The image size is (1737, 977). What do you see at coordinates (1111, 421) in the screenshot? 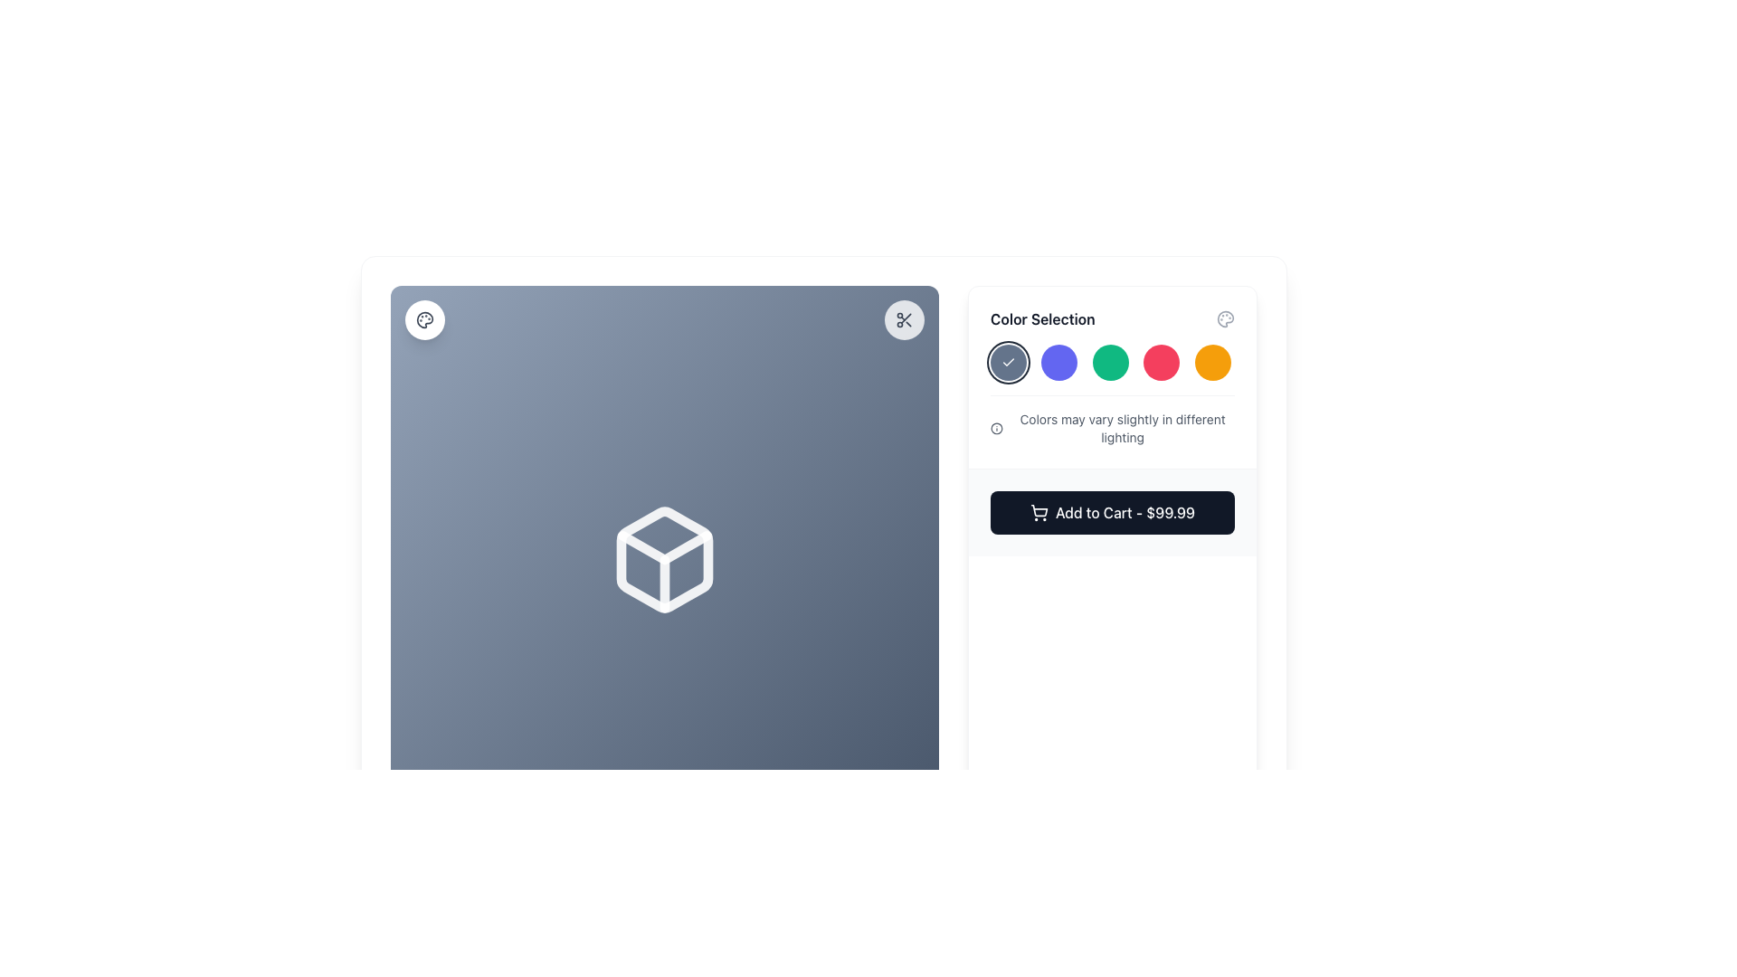
I see `the informational text stating 'Colors may vary slightly in different lighting' with an icon indicating additional information, located below the color selection options` at bounding box center [1111, 421].